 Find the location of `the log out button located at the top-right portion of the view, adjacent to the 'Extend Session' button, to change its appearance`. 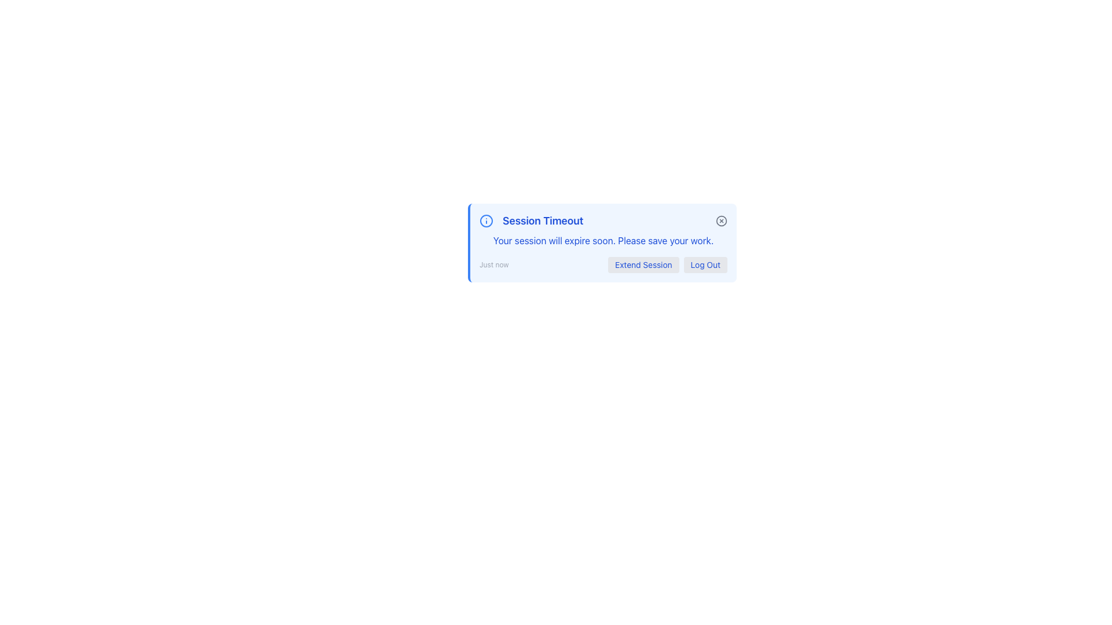

the log out button located at the top-right portion of the view, adjacent to the 'Extend Session' button, to change its appearance is located at coordinates (705, 265).